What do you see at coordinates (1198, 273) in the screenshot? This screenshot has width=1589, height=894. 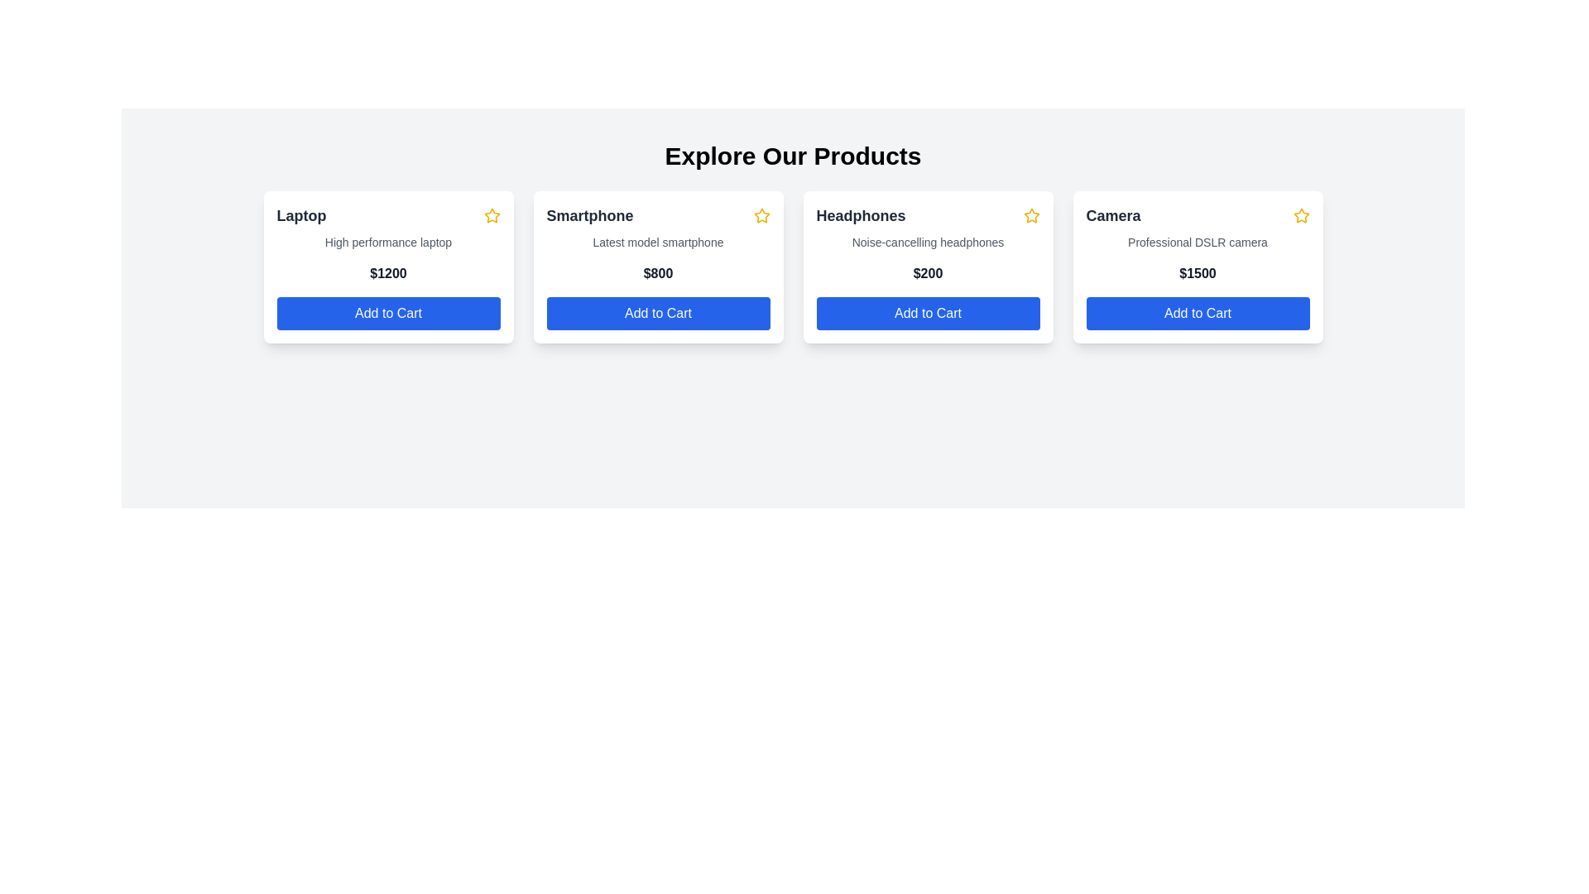 I see `the bold text displaying the value '$1500' located below 'Professional DSLR camera' and above the 'Add to Cart' button in the fourth product card of the grid` at bounding box center [1198, 273].